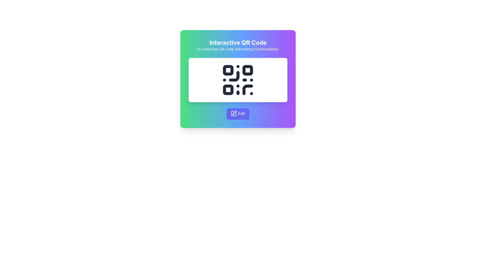 This screenshot has height=278, width=494. I want to click on the rectangular purple button labeled 'Edit' with a pen icon, so click(238, 114).